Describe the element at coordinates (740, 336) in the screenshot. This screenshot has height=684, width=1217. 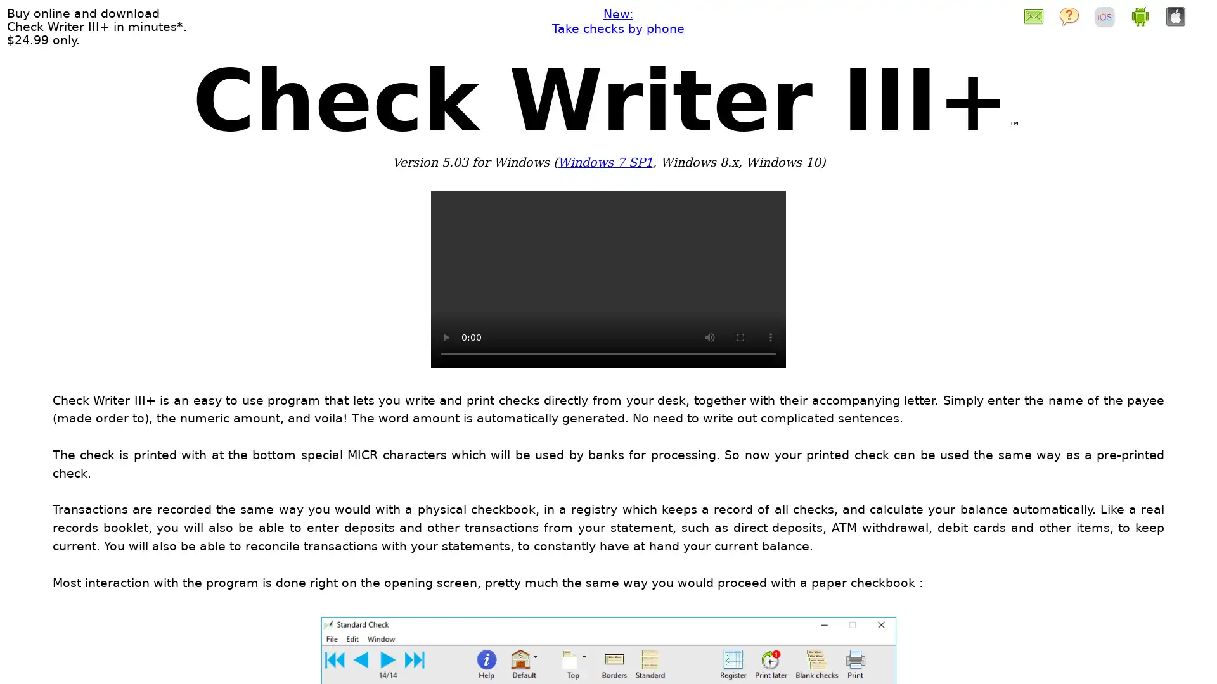
I see `enter full screen` at that location.